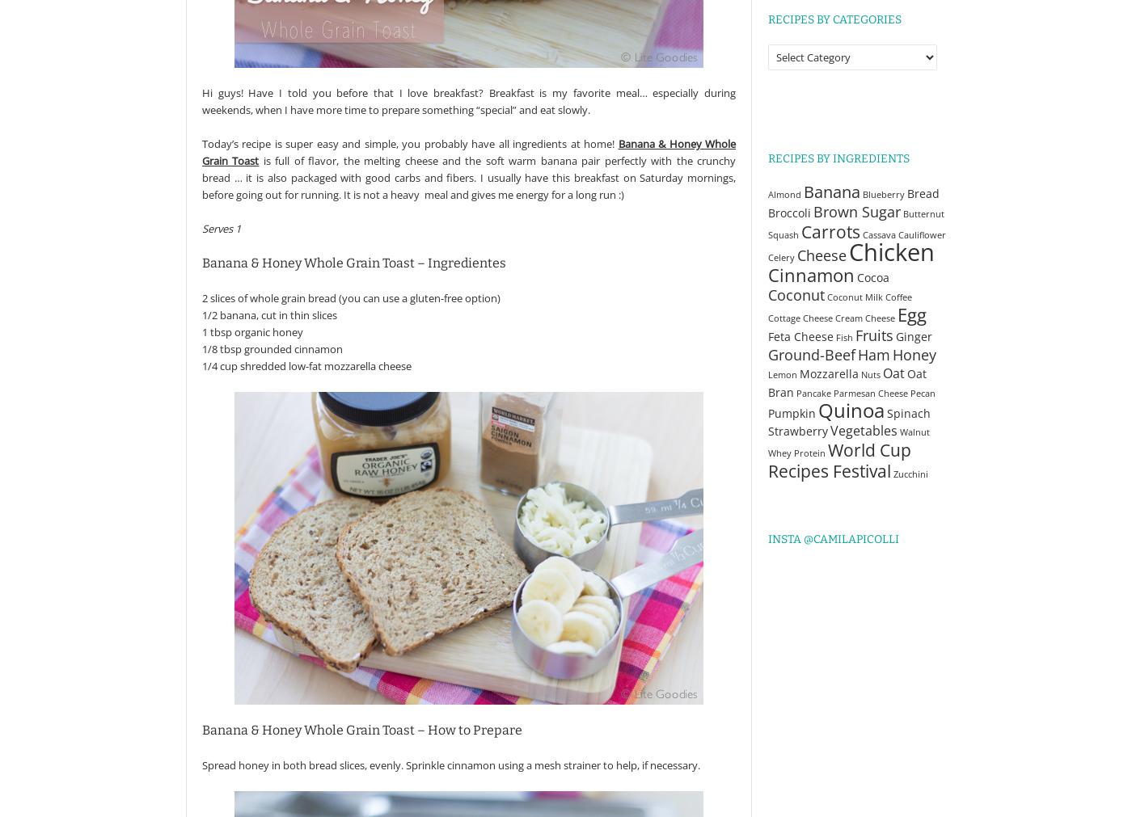  What do you see at coordinates (883, 195) in the screenshot?
I see `'Blueberry'` at bounding box center [883, 195].